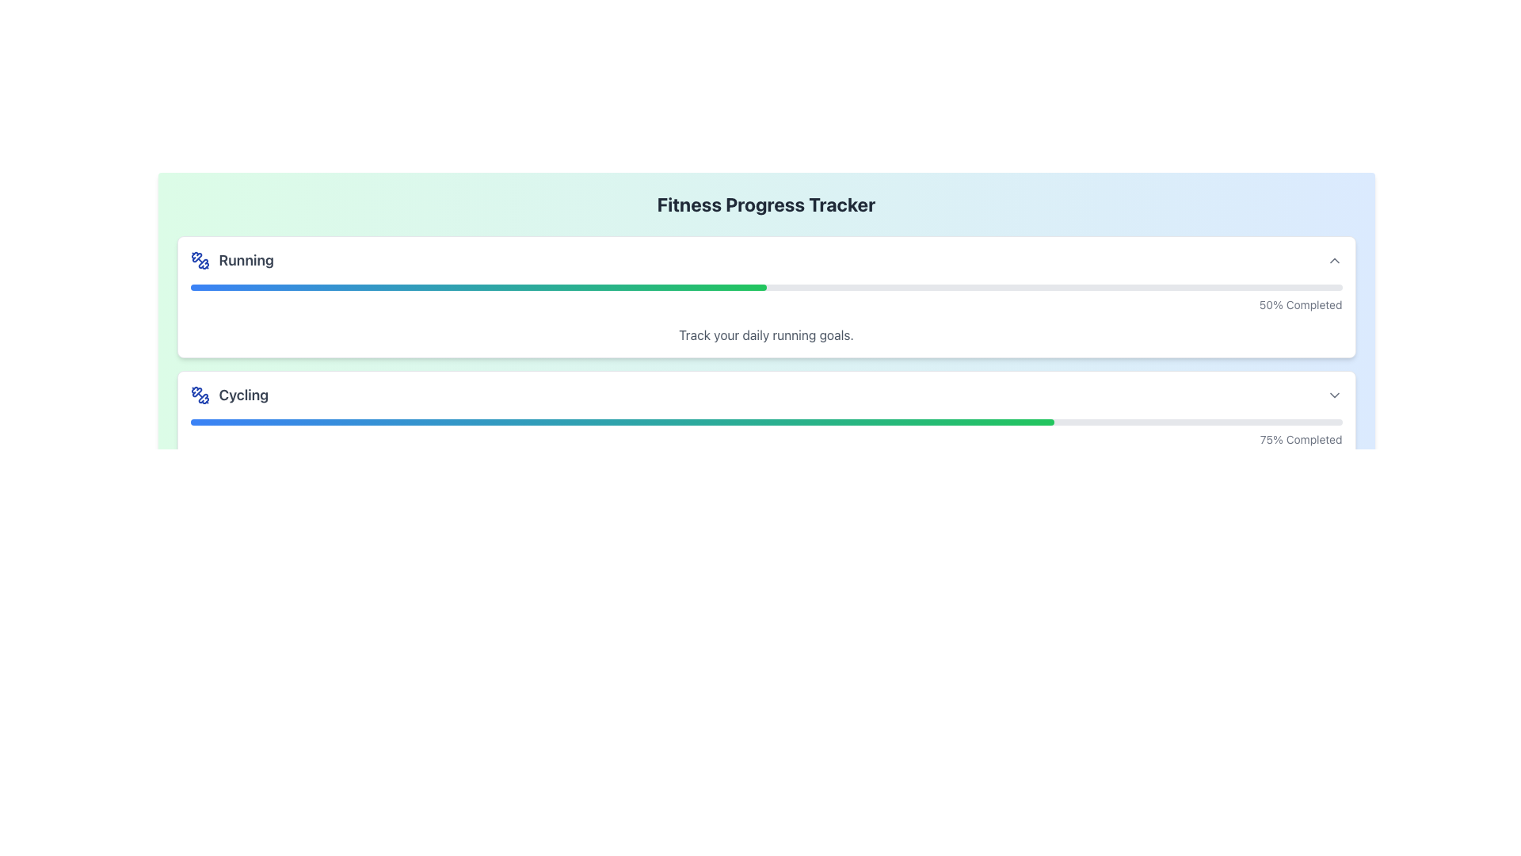 The image size is (1521, 856). What do you see at coordinates (231, 259) in the screenshot?
I see `the 'Running' text label, which is styled in bold dark gray font and is located above the progress bar in the 'Fitness Progress Tracker' section` at bounding box center [231, 259].